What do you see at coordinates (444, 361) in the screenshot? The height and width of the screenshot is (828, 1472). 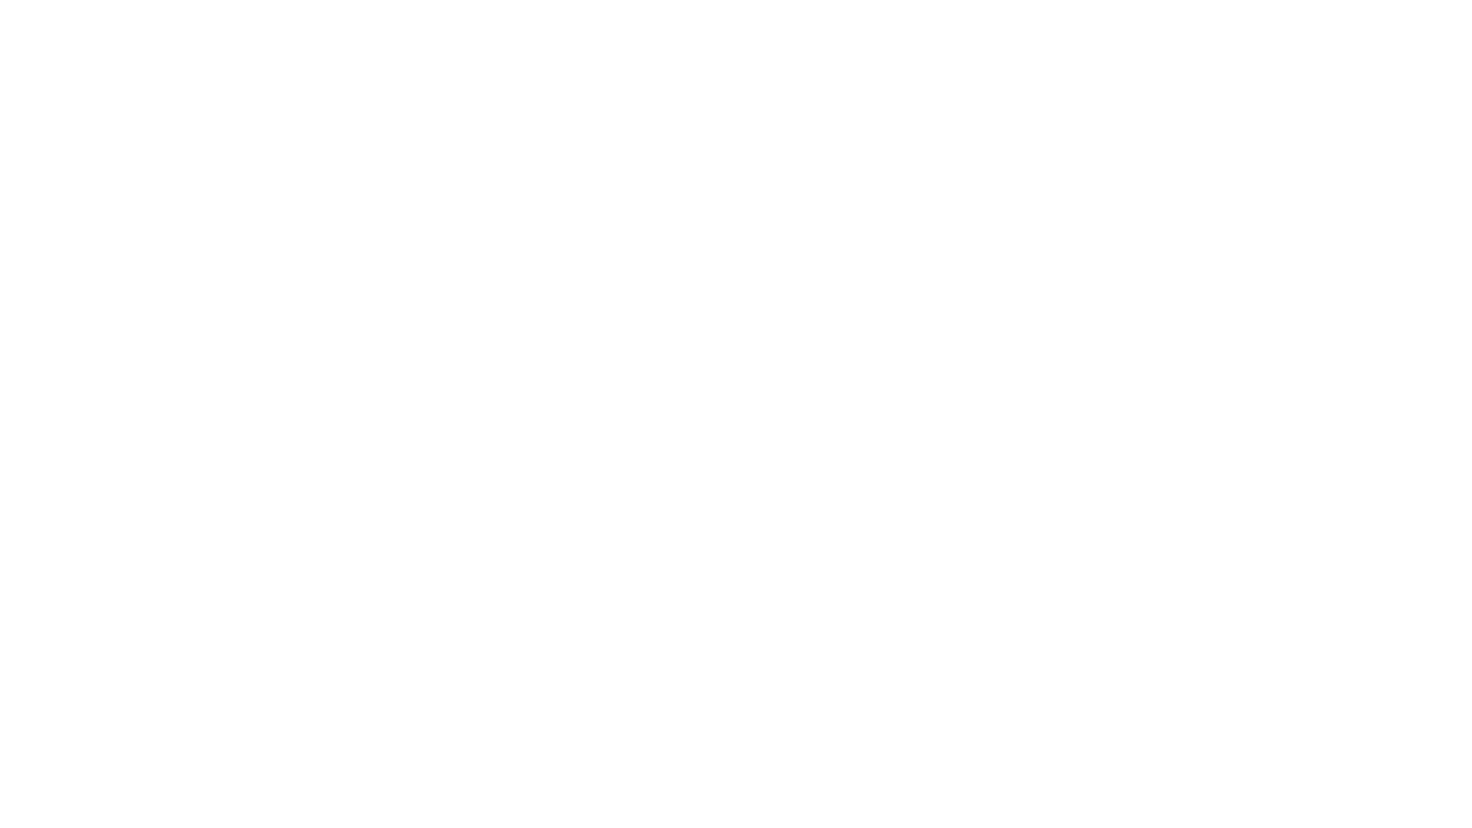 I see `Explore` at bounding box center [444, 361].